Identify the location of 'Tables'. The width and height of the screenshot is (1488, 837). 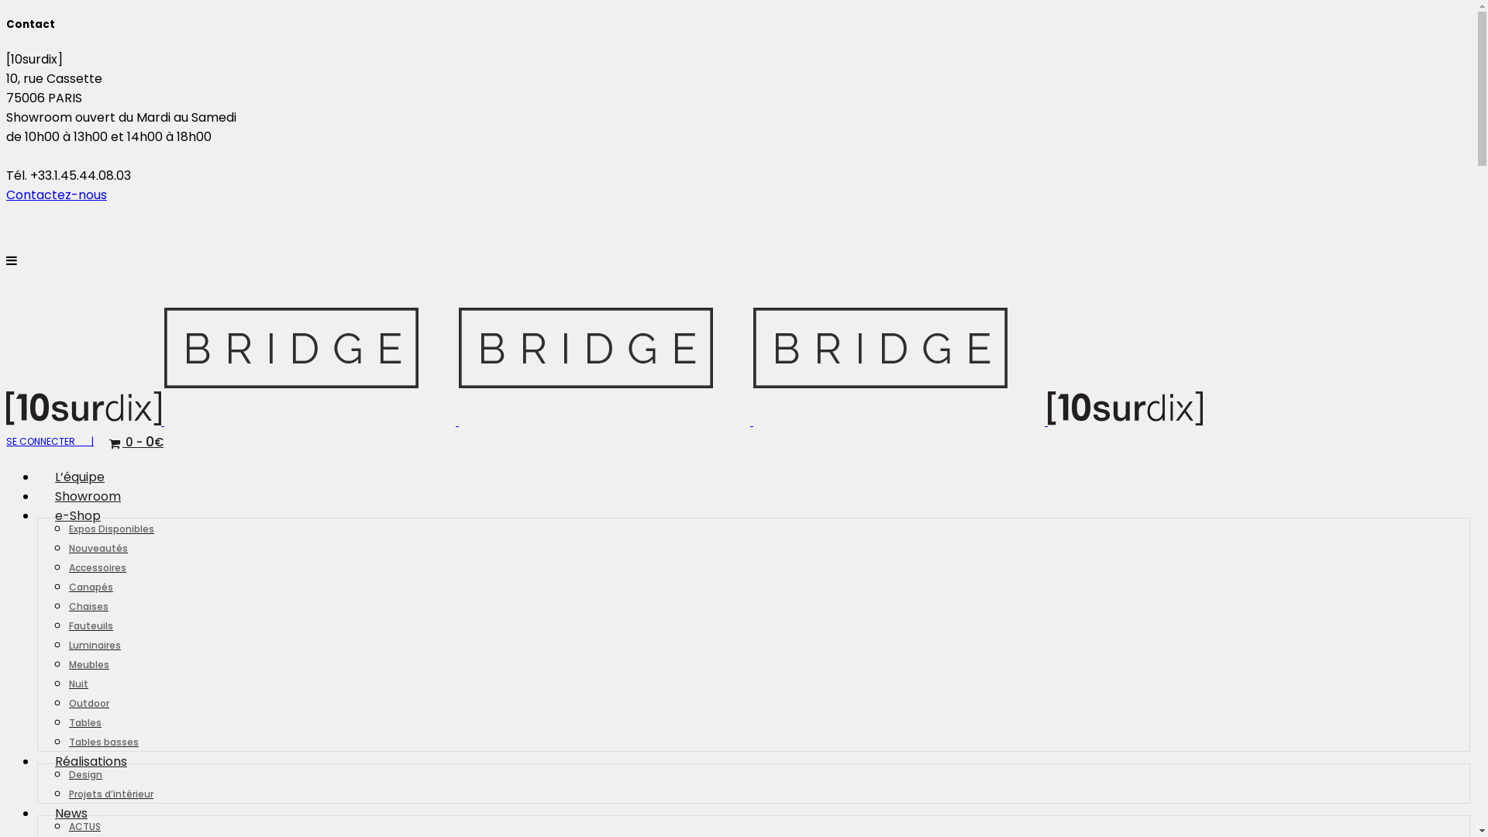
(84, 722).